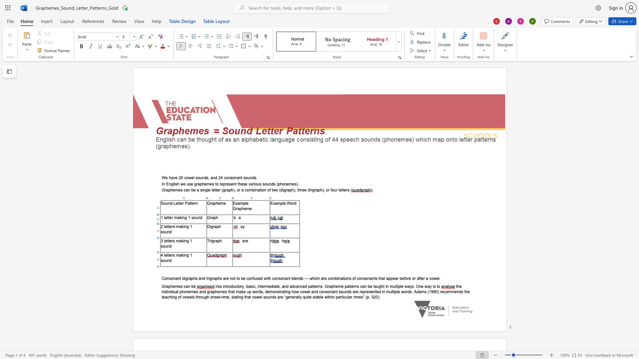  Describe the element at coordinates (255, 278) in the screenshot. I see `the 1th character "u" in the text` at that location.